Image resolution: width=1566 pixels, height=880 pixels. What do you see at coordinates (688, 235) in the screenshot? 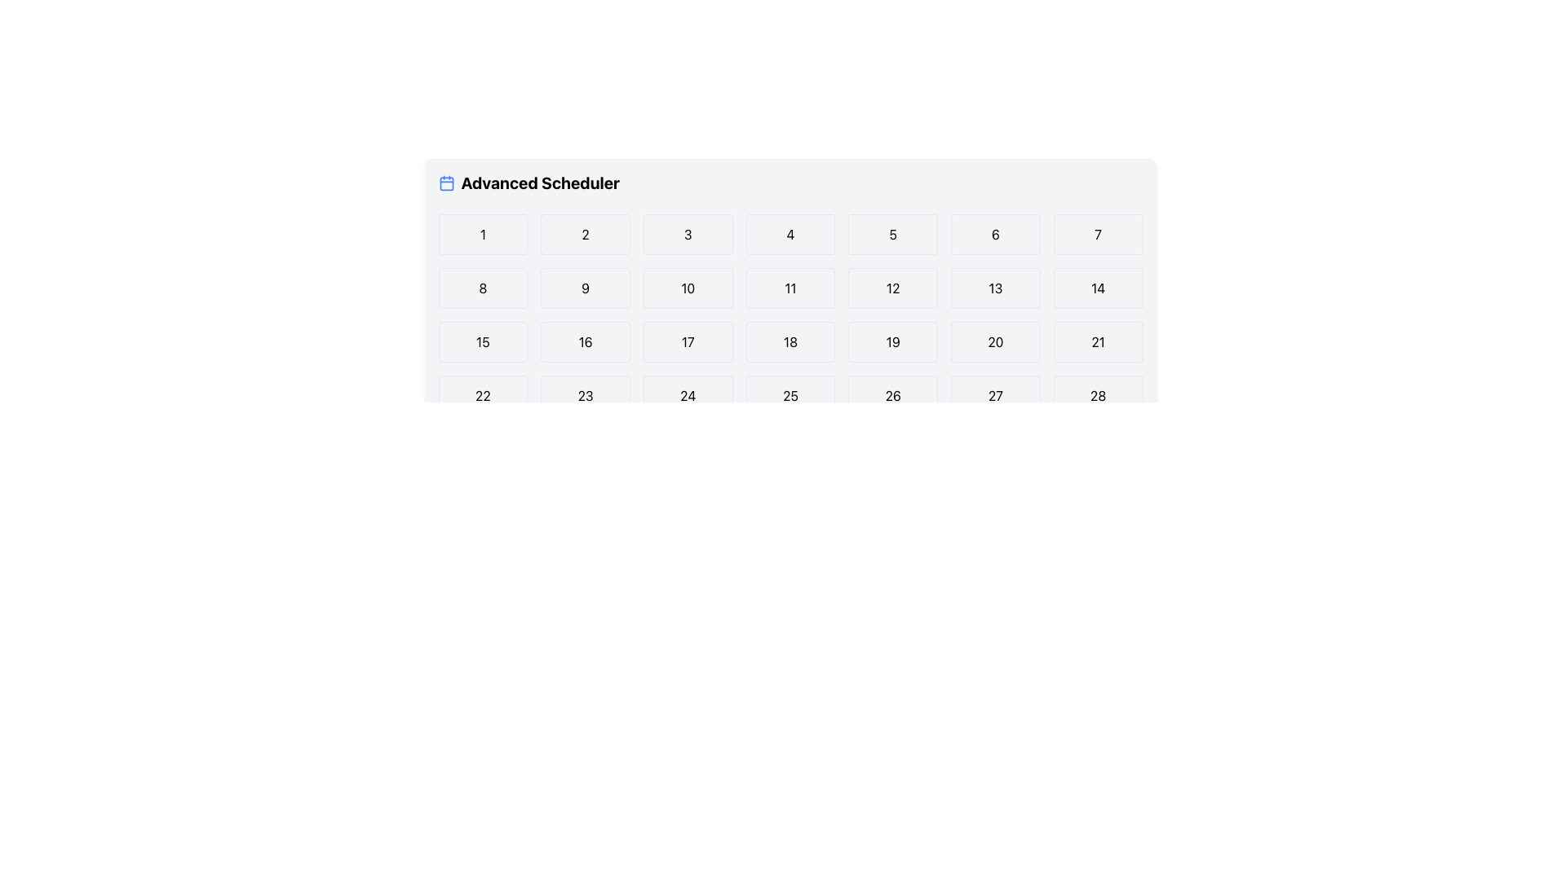
I see `the button labeled '3' in the grid of the 'Advanced Scheduler'` at bounding box center [688, 235].